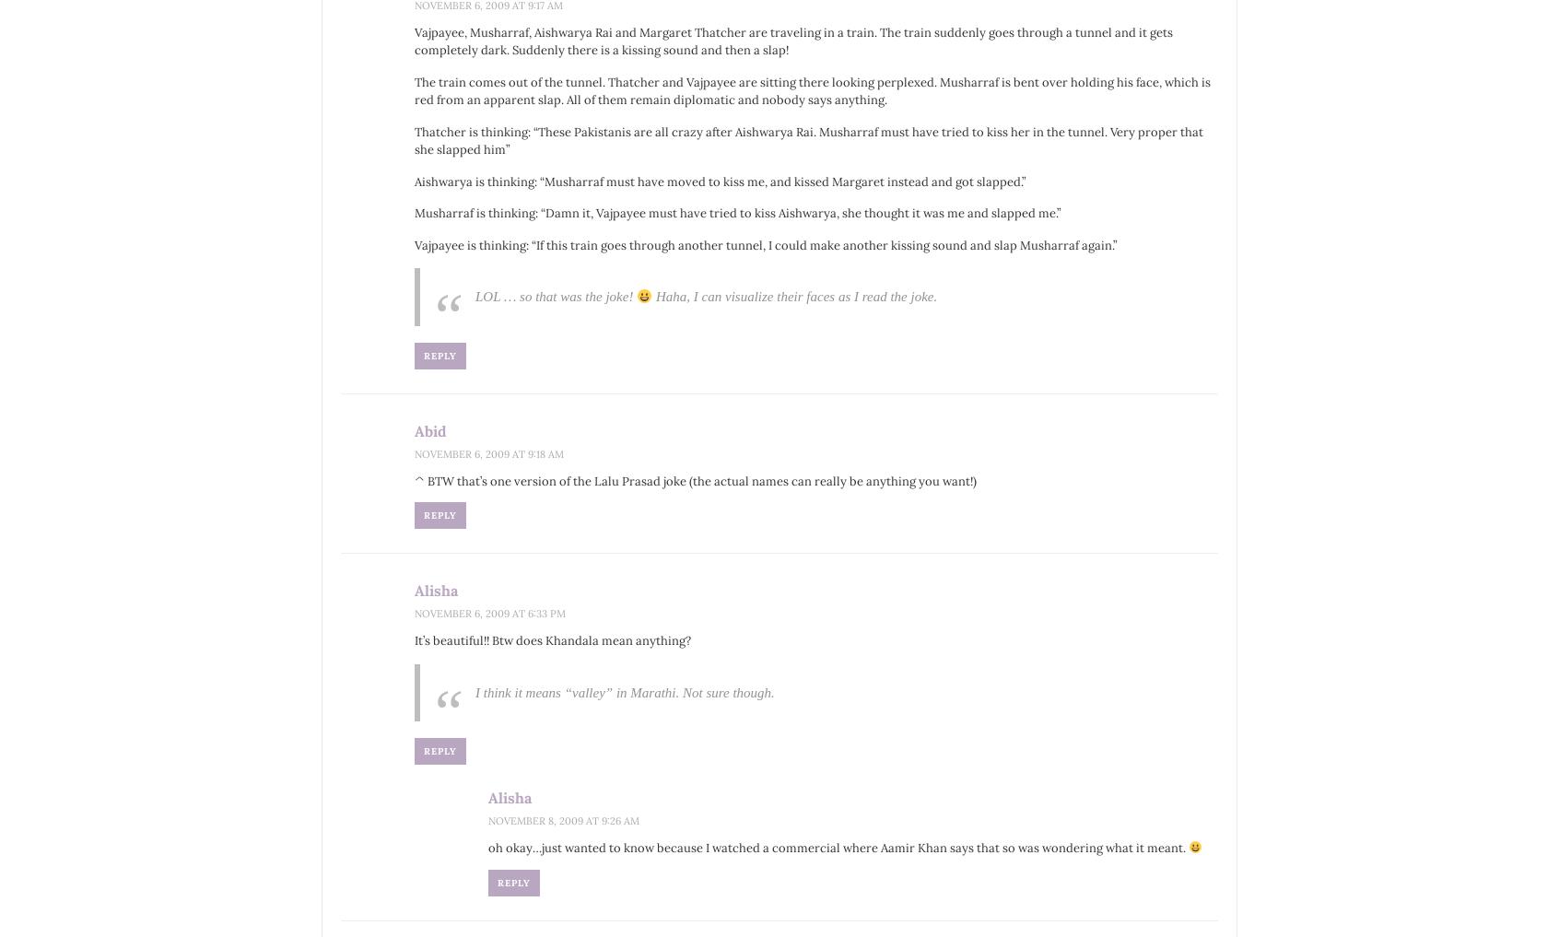 The image size is (1559, 937). I want to click on 'It’s beautiful!! Btw does Khandala mean anything?', so click(551, 639).